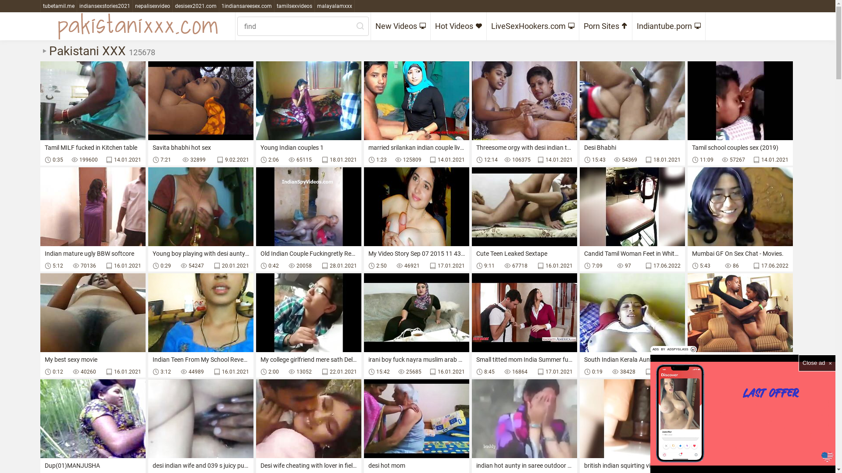  I want to click on 'Hot Videos', so click(458, 26).